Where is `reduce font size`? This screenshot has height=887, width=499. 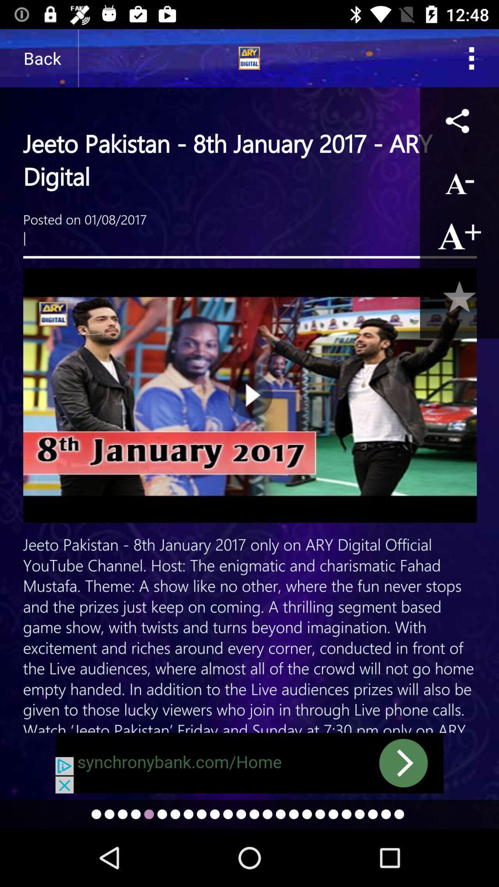 reduce font size is located at coordinates (459, 181).